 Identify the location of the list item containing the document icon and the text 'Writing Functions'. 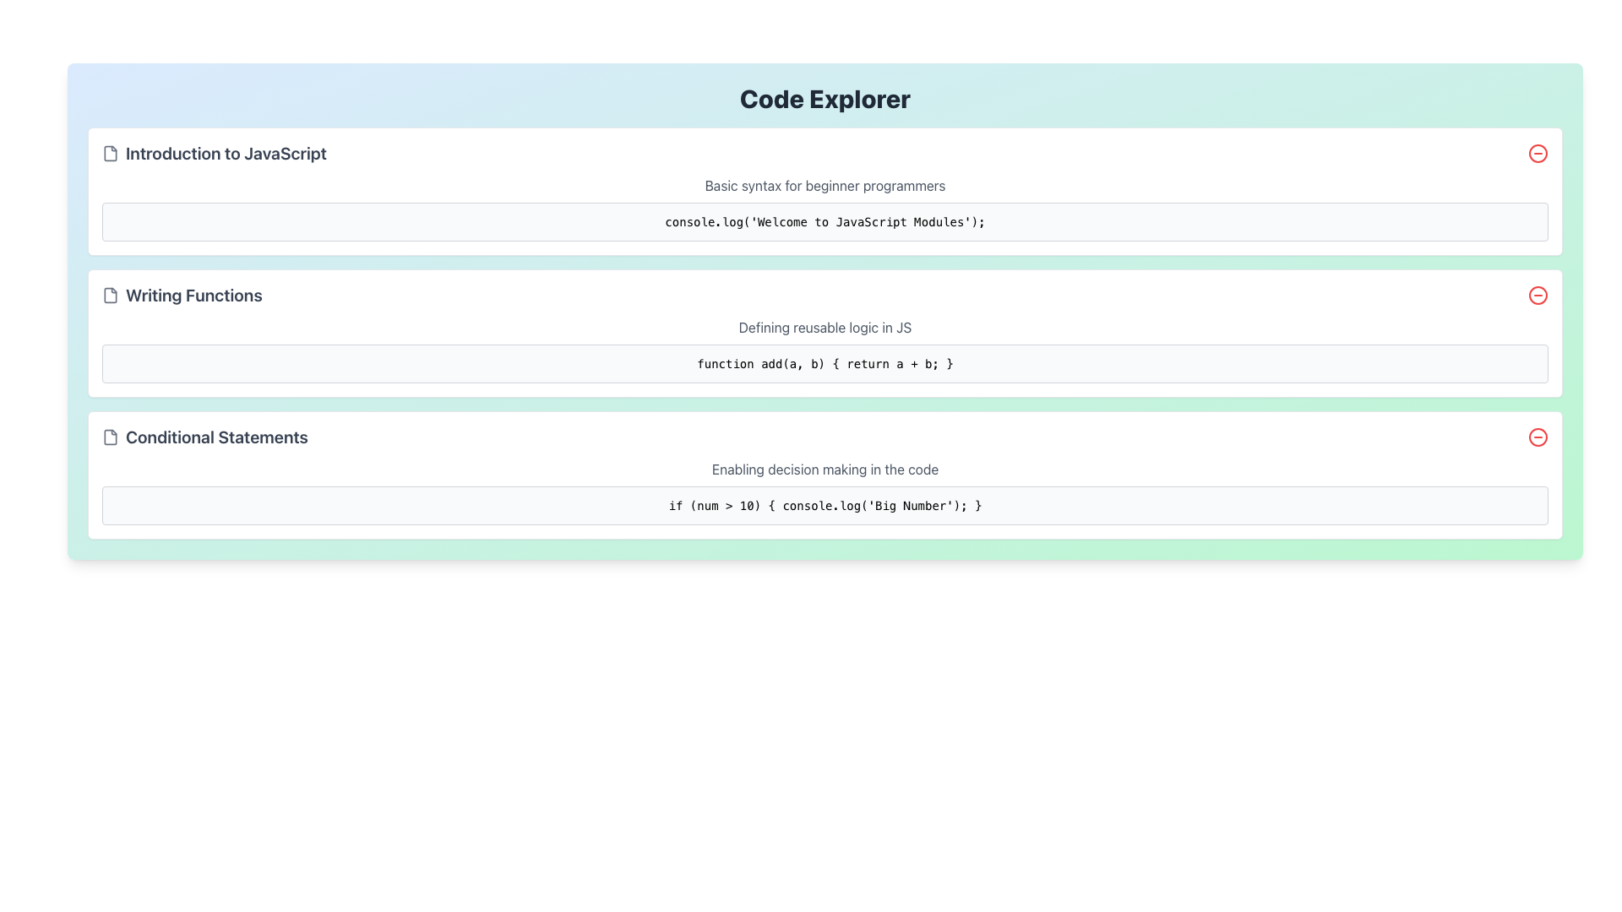
(182, 295).